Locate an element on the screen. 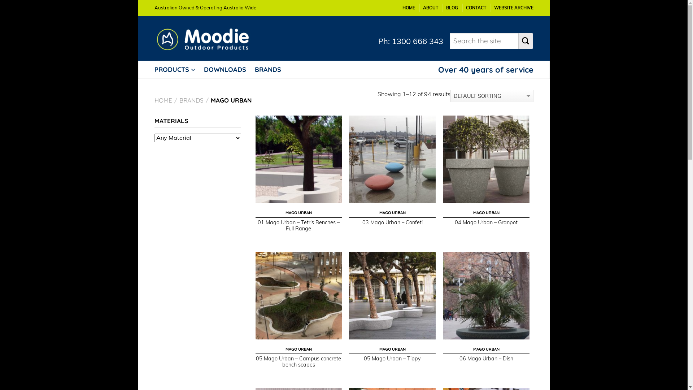 This screenshot has width=693, height=390. 'PRODUCTS' is located at coordinates (178, 69).